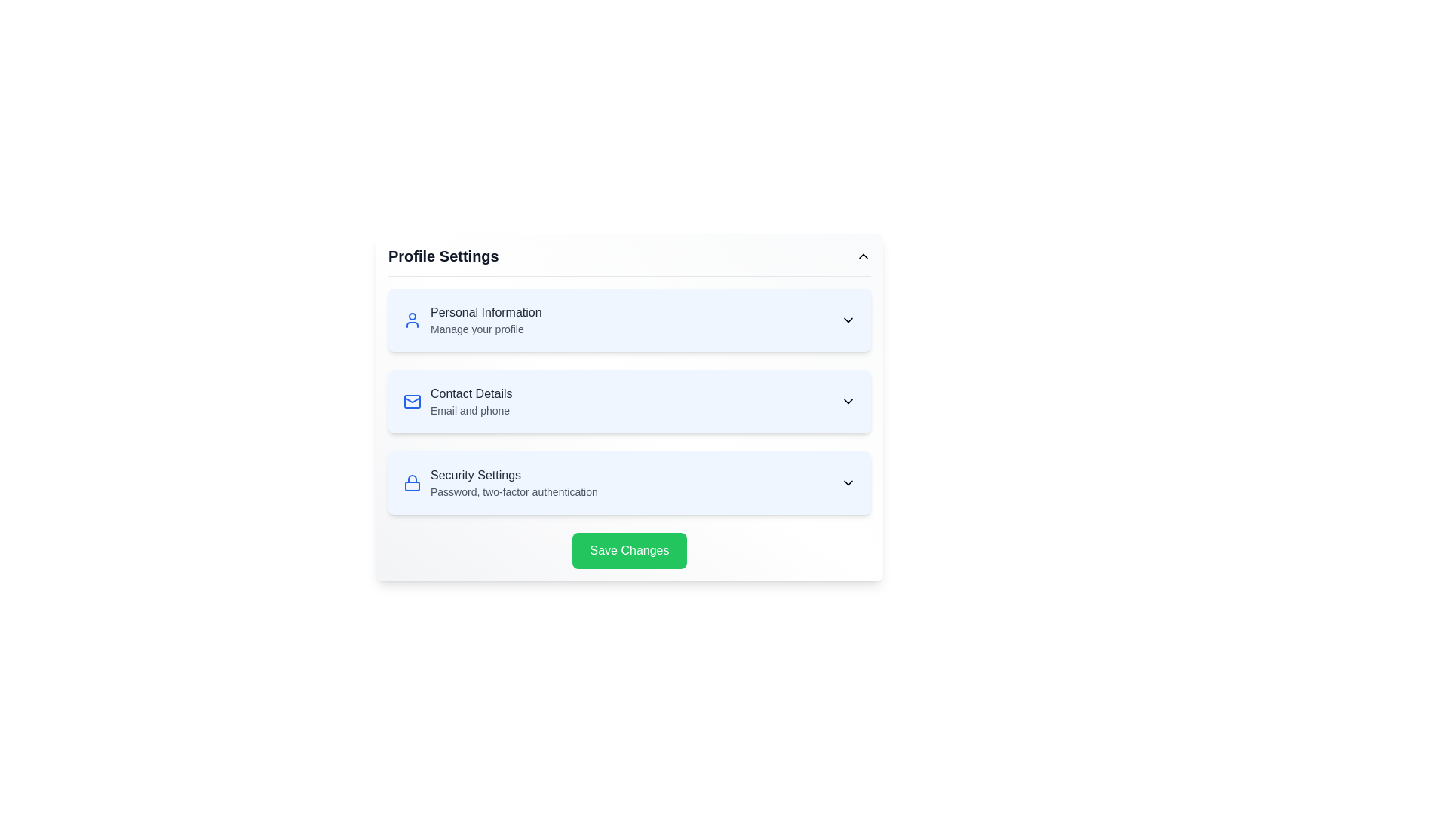 This screenshot has height=814, width=1448. What do you see at coordinates (413, 486) in the screenshot?
I see `the rectangular part of the lock icon, which represents the body of the lock, indicating a security or privacy feature` at bounding box center [413, 486].